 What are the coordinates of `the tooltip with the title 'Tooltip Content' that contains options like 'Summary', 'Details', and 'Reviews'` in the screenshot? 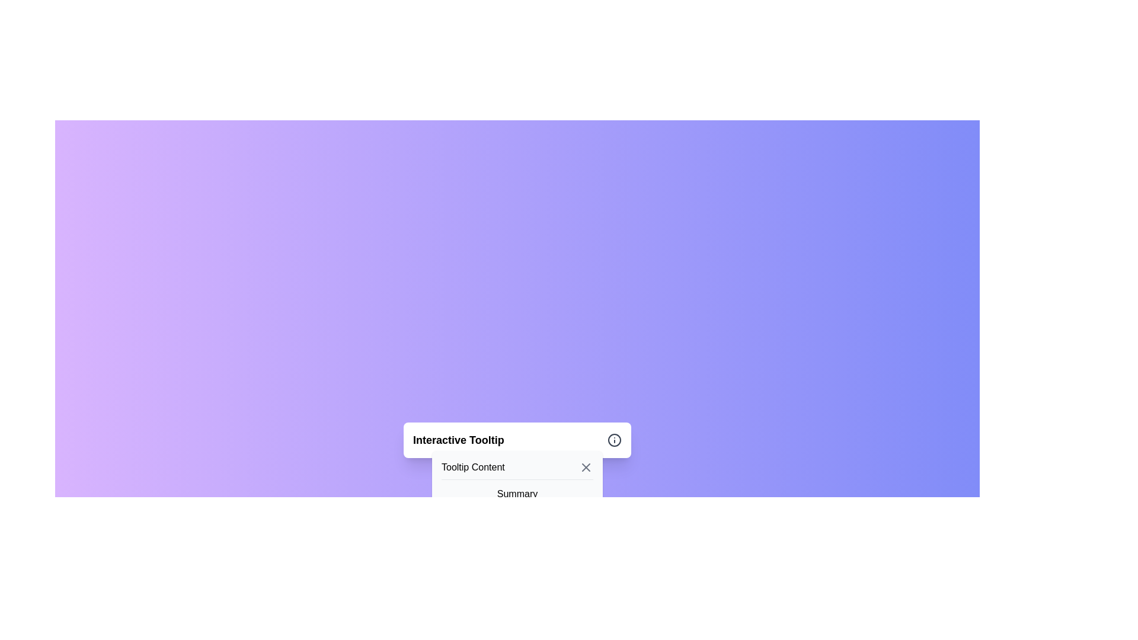 It's located at (517, 507).